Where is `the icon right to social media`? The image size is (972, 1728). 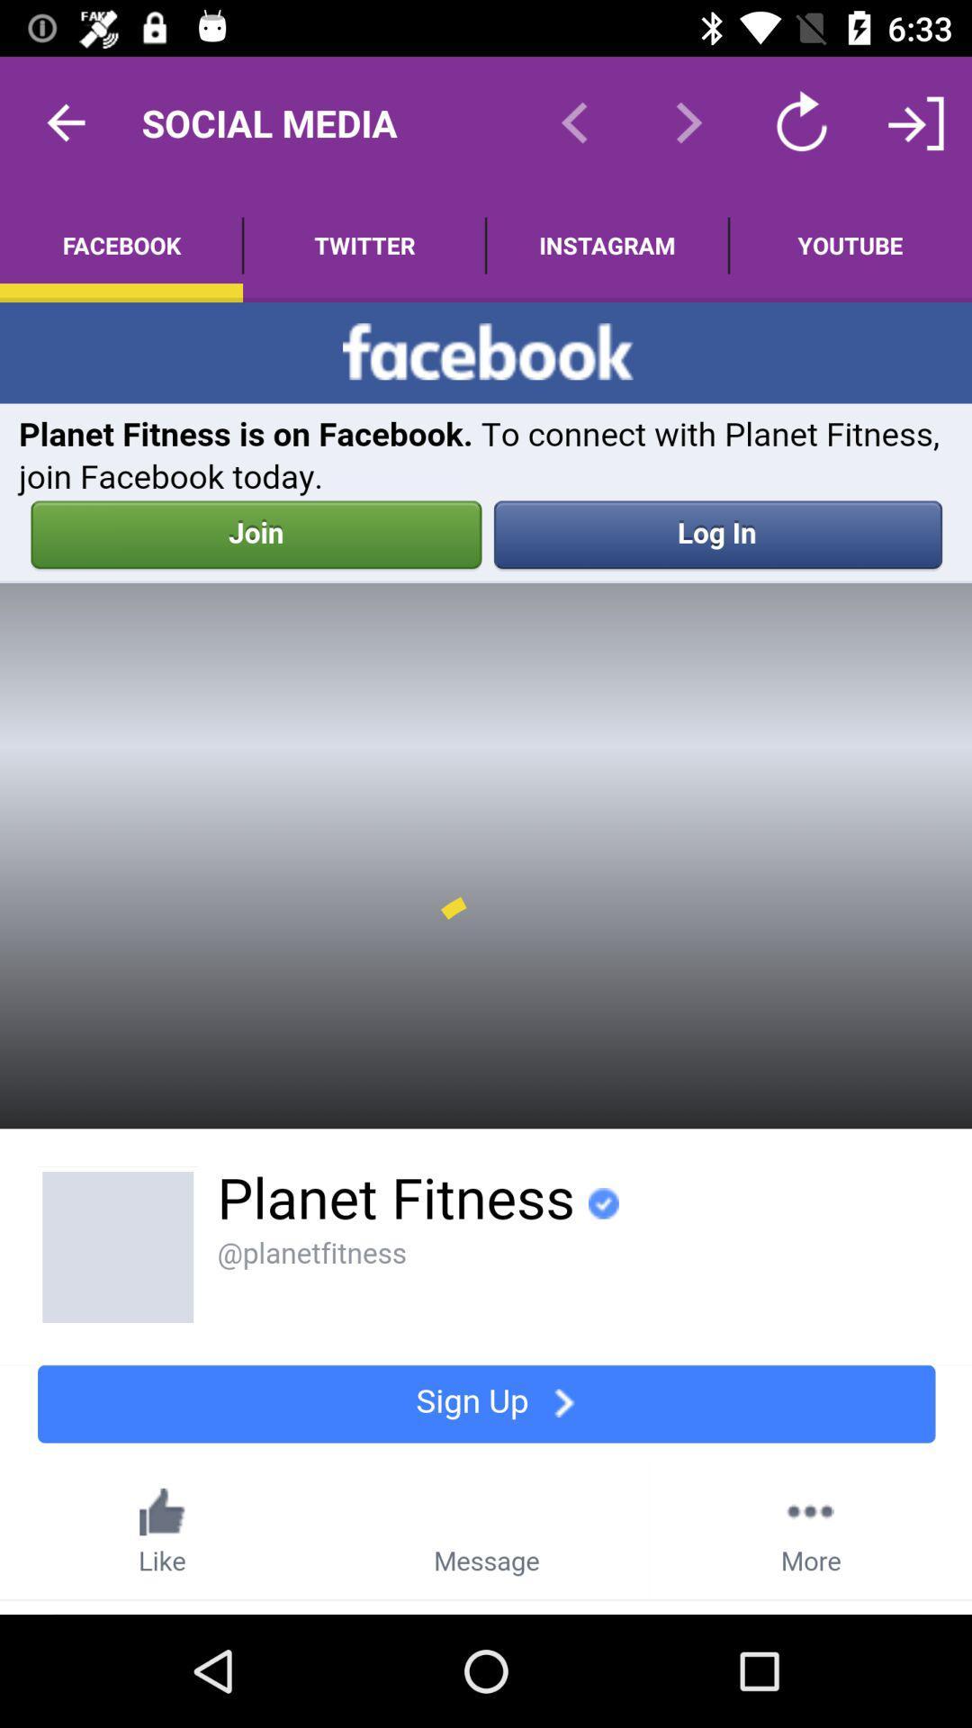 the icon right to social media is located at coordinates (575, 122).